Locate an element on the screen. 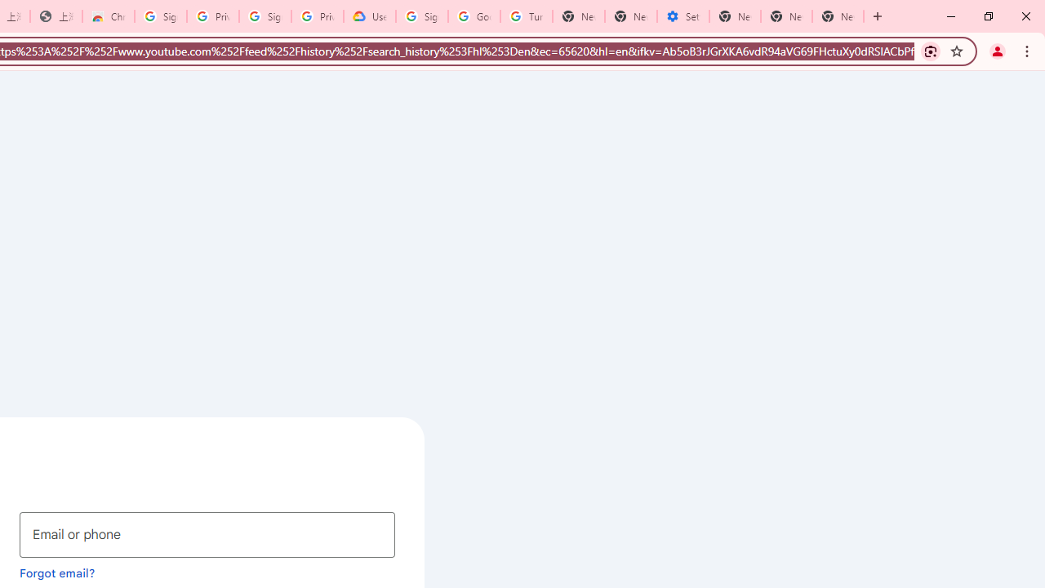  'Turn cookies on or off - Computer - Google Account Help' is located at coordinates (527, 16).